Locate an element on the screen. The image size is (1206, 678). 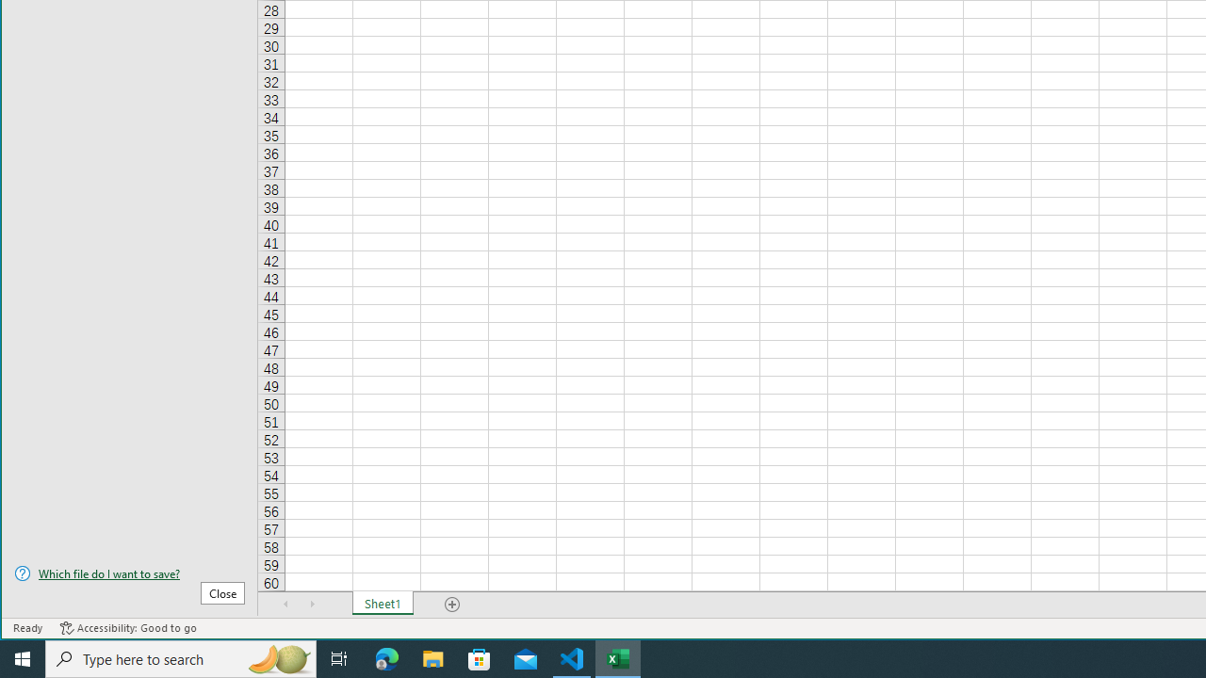
'Search highlights icon opens search home window' is located at coordinates (277, 657).